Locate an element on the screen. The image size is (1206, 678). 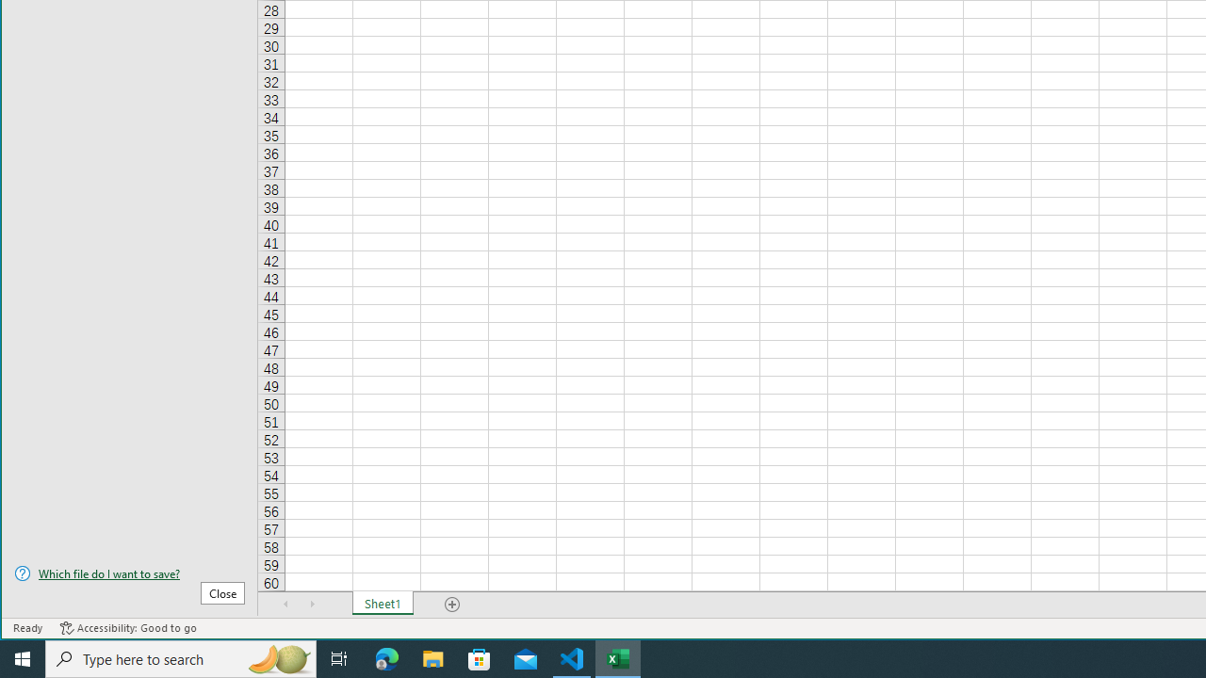
'Search highlights icon opens search home window' is located at coordinates (277, 657).